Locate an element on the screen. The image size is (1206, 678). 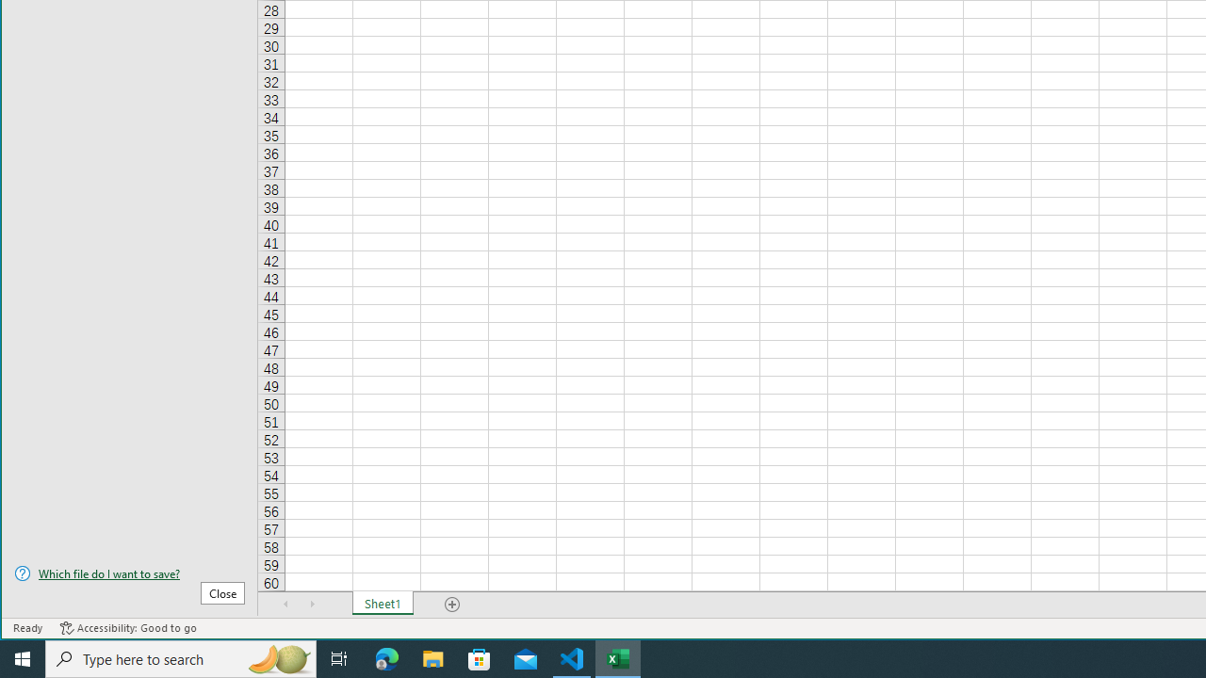
'Search highlights icon opens search home window' is located at coordinates (277, 657).